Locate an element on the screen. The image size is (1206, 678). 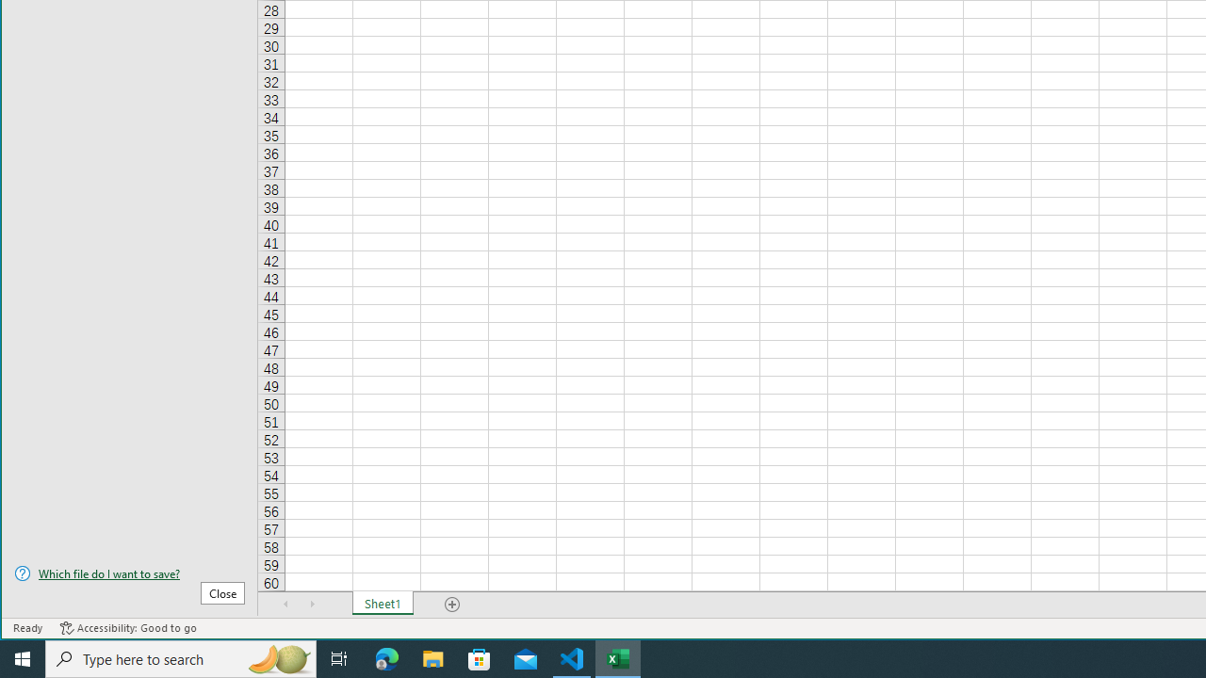
'Search highlights icon opens search home window' is located at coordinates (277, 657).